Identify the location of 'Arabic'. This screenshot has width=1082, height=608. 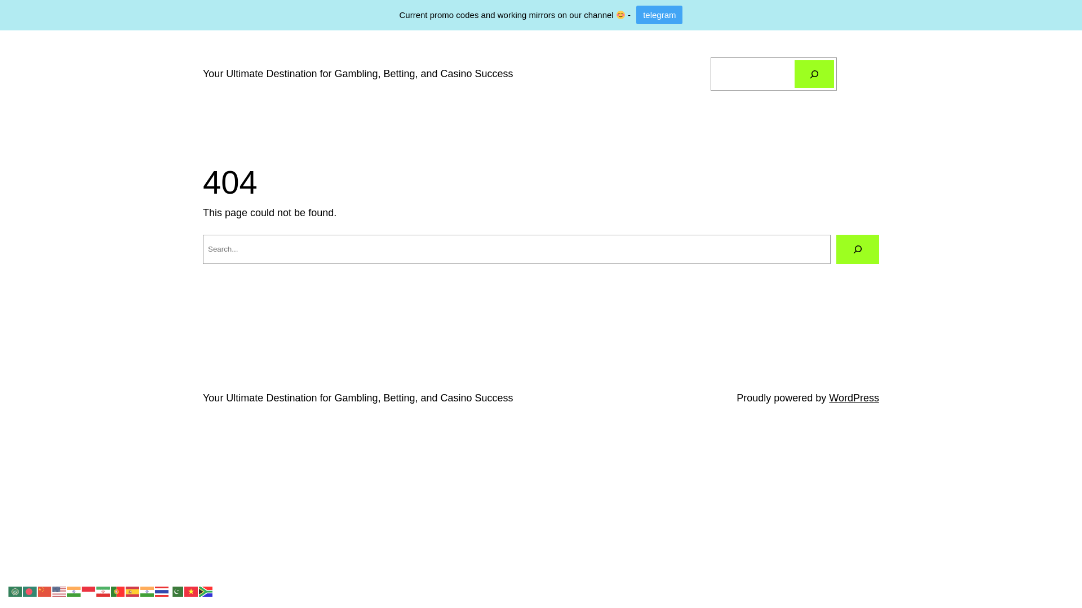
(16, 590).